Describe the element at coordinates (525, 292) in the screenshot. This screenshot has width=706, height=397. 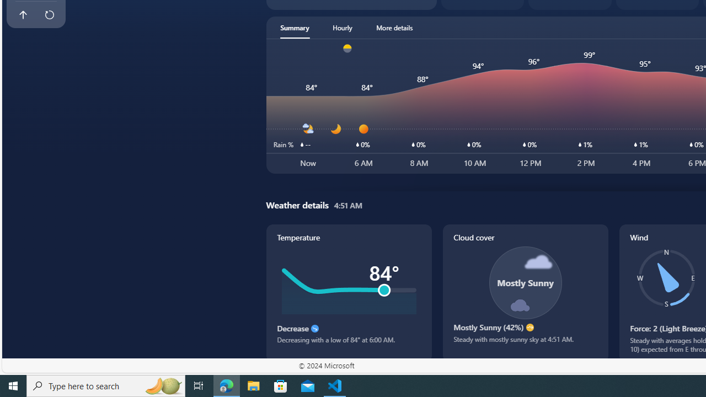
I see `'Cloud cover'` at that location.